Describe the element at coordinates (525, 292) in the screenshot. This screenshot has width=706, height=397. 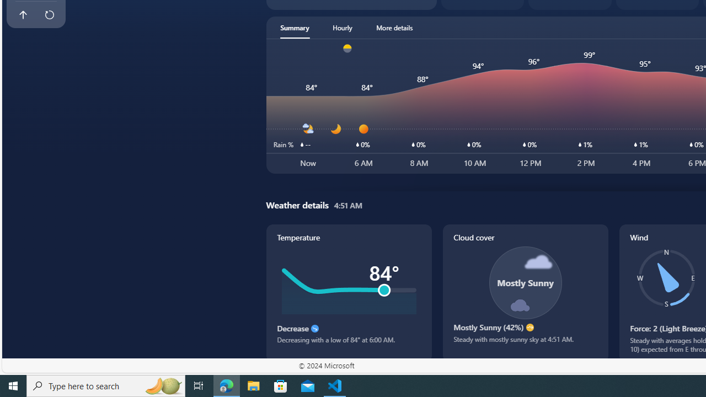
I see `'Cloud cover'` at that location.